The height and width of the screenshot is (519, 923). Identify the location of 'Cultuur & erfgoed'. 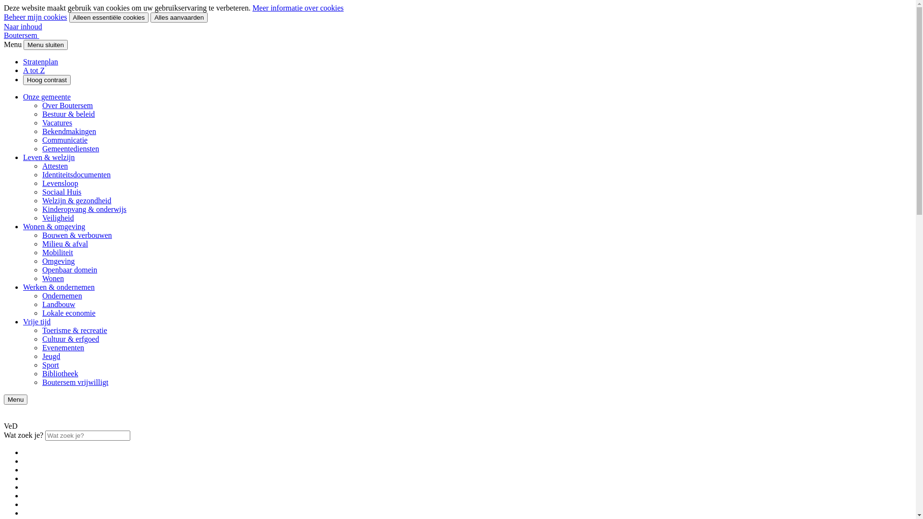
(70, 338).